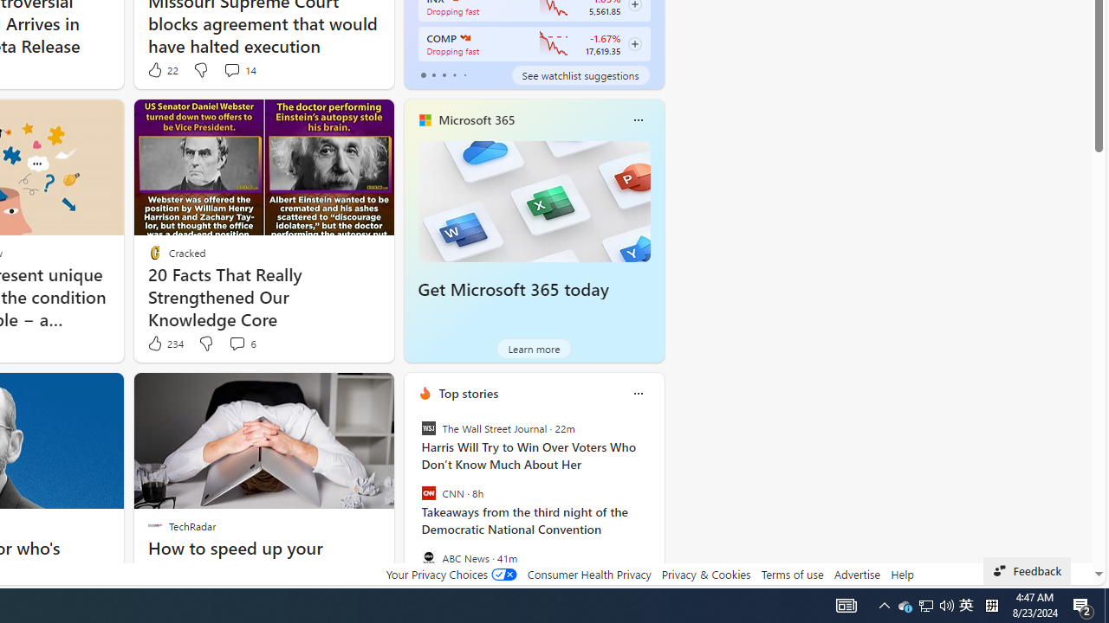  What do you see at coordinates (165, 344) in the screenshot?
I see `'234 Like'` at bounding box center [165, 344].